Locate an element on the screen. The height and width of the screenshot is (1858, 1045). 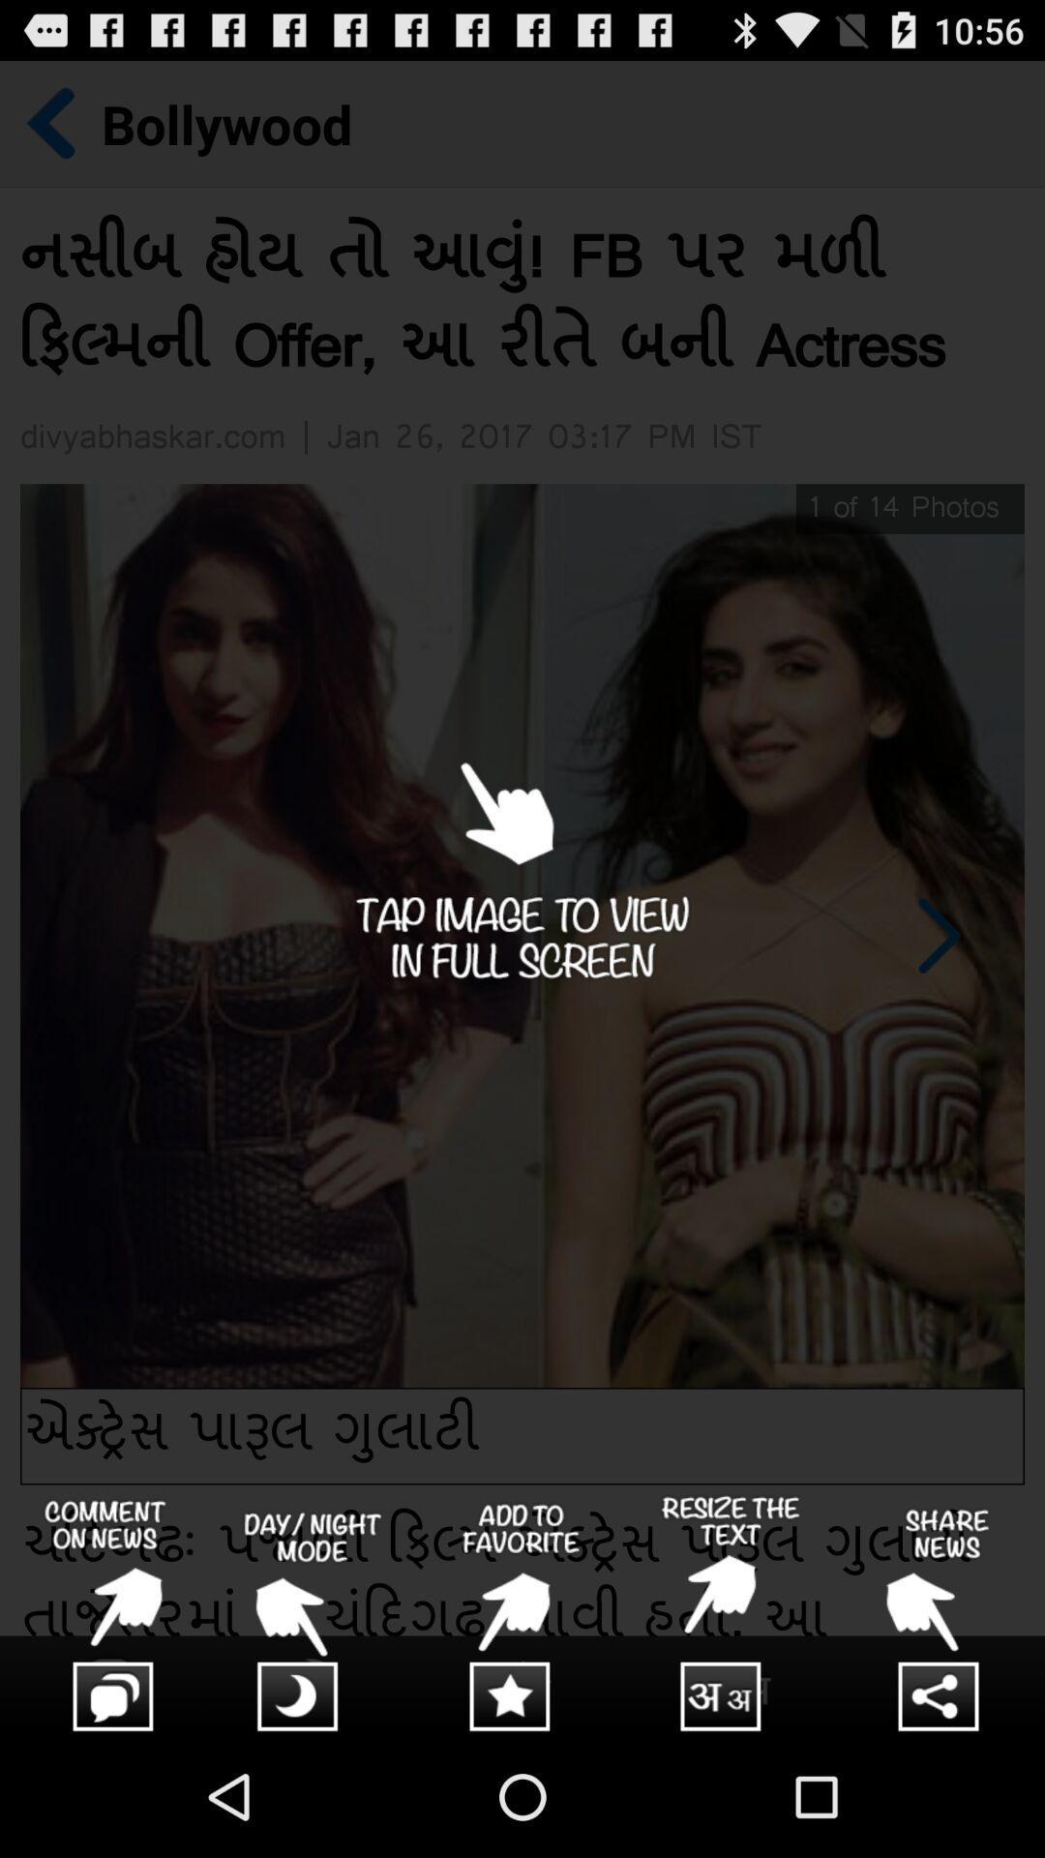
resize text is located at coordinates (731, 1615).